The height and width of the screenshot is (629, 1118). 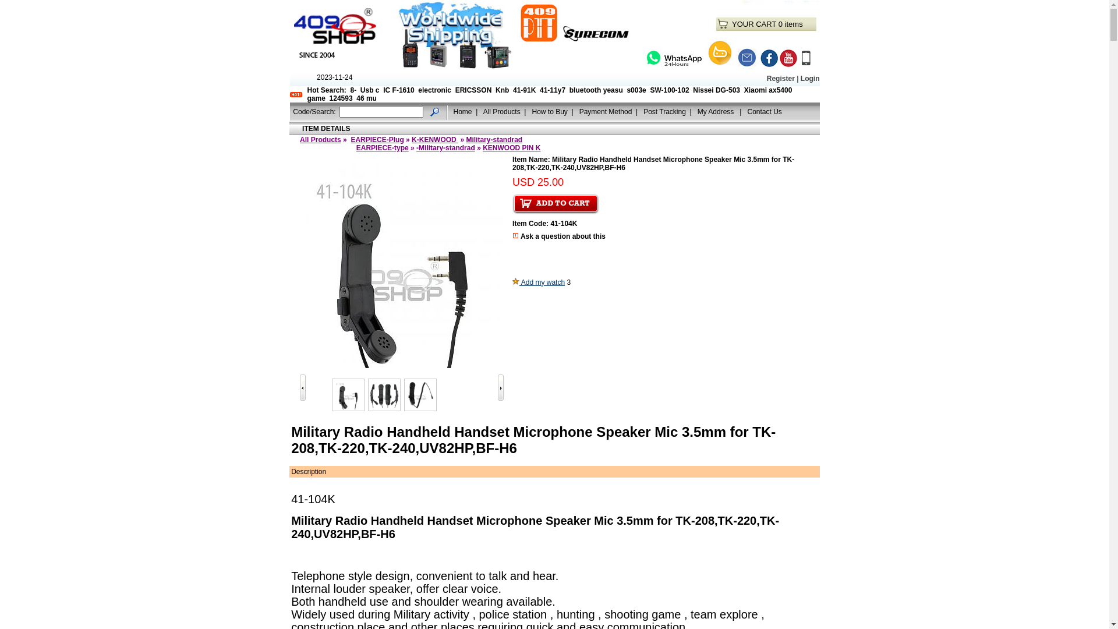 I want to click on 'YOUR CART 0 items', so click(x=731, y=24).